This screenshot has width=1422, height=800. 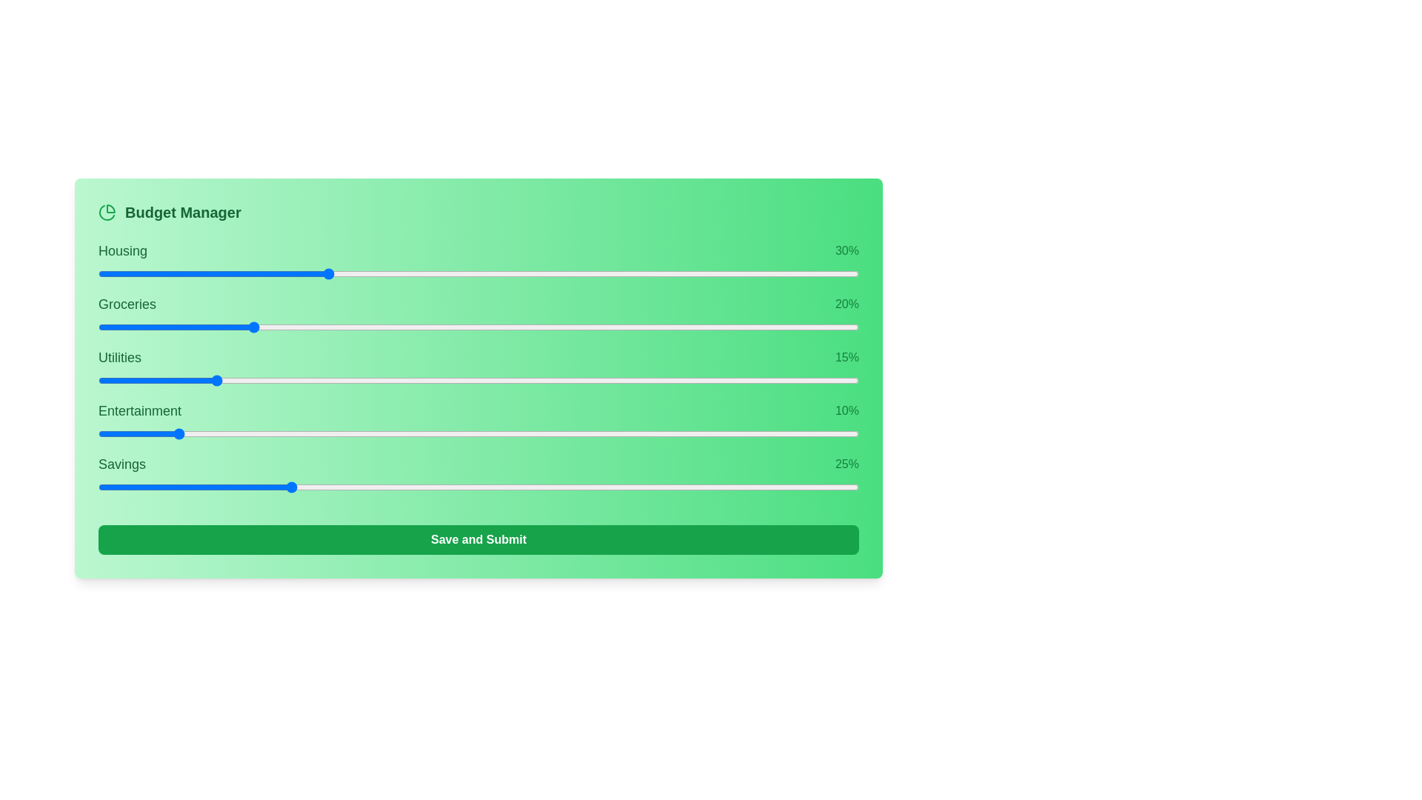 What do you see at coordinates (650, 379) in the screenshot?
I see `the slider for 2 to 45% allocation` at bounding box center [650, 379].